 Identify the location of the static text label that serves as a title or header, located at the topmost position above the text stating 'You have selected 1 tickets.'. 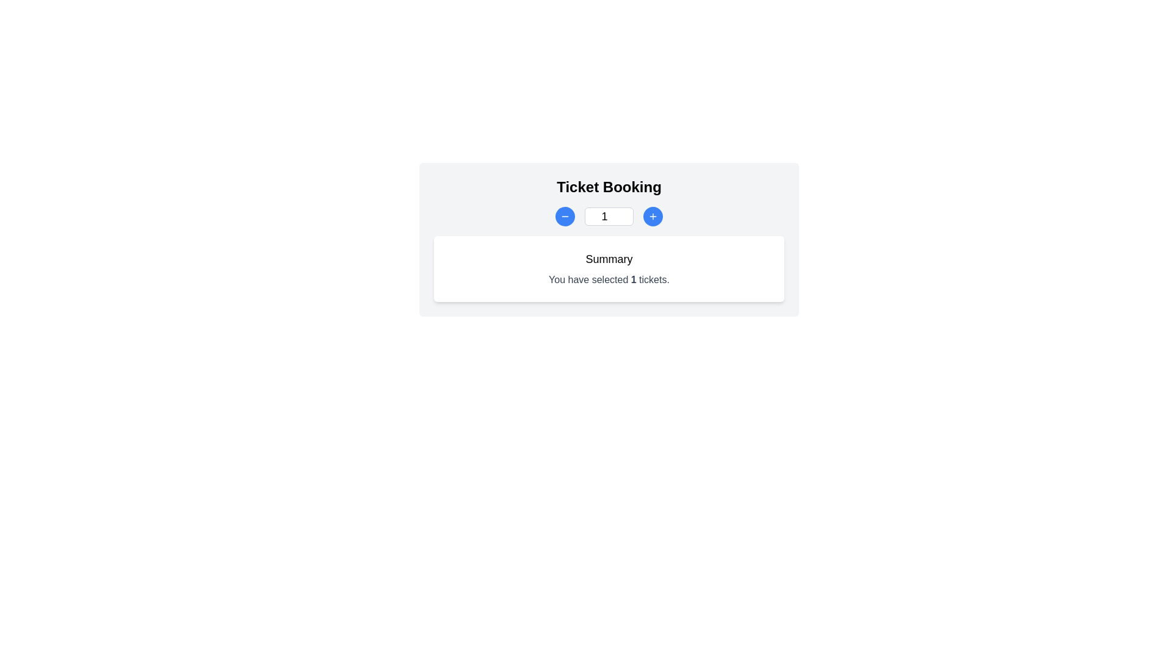
(609, 258).